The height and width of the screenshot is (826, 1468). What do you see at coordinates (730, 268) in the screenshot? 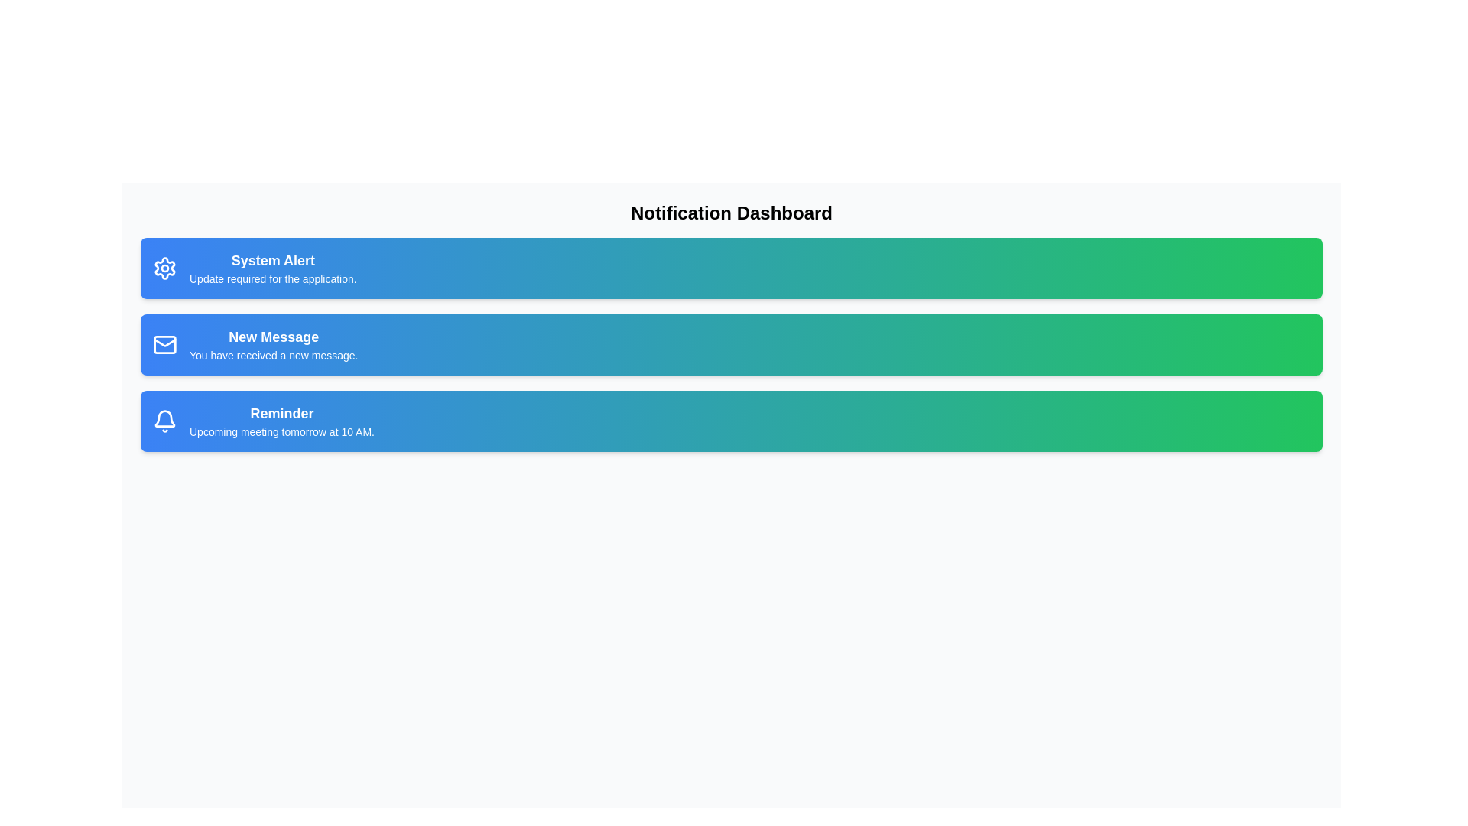
I see `the notification card corresponding to System Alert` at bounding box center [730, 268].